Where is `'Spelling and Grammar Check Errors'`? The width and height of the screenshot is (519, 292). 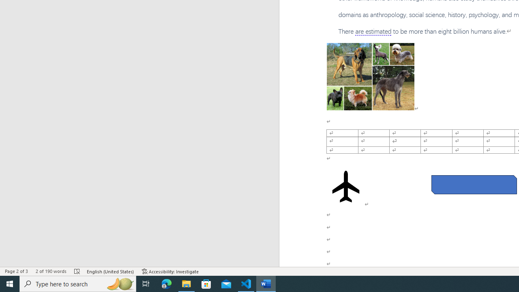 'Spelling and Grammar Check Errors' is located at coordinates (77, 271).